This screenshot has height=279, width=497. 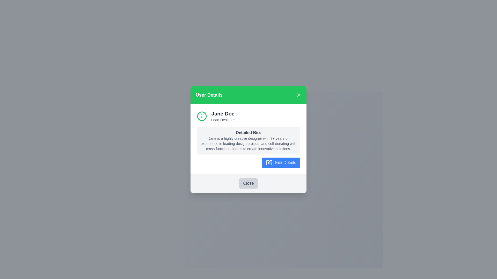 What do you see at coordinates (248, 132) in the screenshot?
I see `the Text label that serves as the primary label for the user's detailed biography section, which is located below the user's name and title` at bounding box center [248, 132].